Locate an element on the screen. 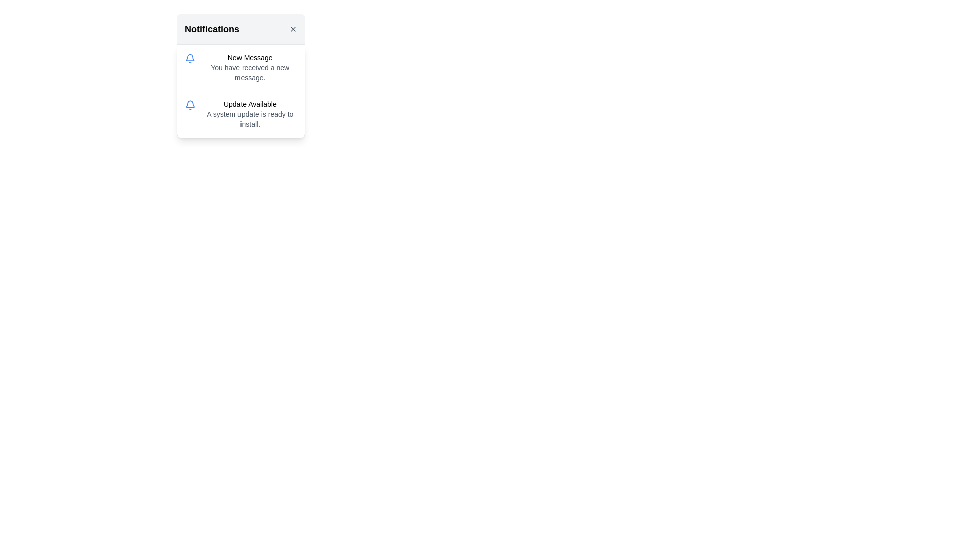  the 'Notifications' text label, which is prominently styled in larger bold font at the top left of the notification panel is located at coordinates (211, 28).